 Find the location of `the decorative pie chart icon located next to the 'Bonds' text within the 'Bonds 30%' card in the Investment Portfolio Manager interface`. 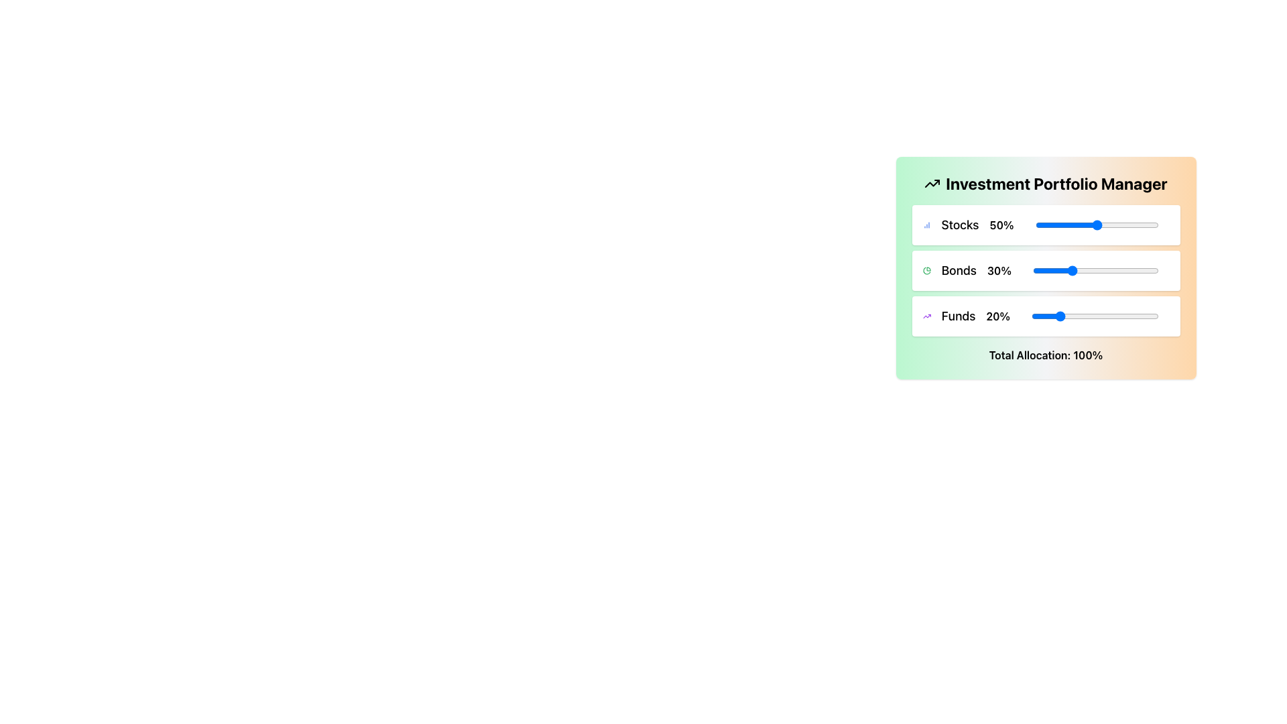

the decorative pie chart icon located next to the 'Bonds' text within the 'Bonds 30%' card in the Investment Portfolio Manager interface is located at coordinates (926, 271).